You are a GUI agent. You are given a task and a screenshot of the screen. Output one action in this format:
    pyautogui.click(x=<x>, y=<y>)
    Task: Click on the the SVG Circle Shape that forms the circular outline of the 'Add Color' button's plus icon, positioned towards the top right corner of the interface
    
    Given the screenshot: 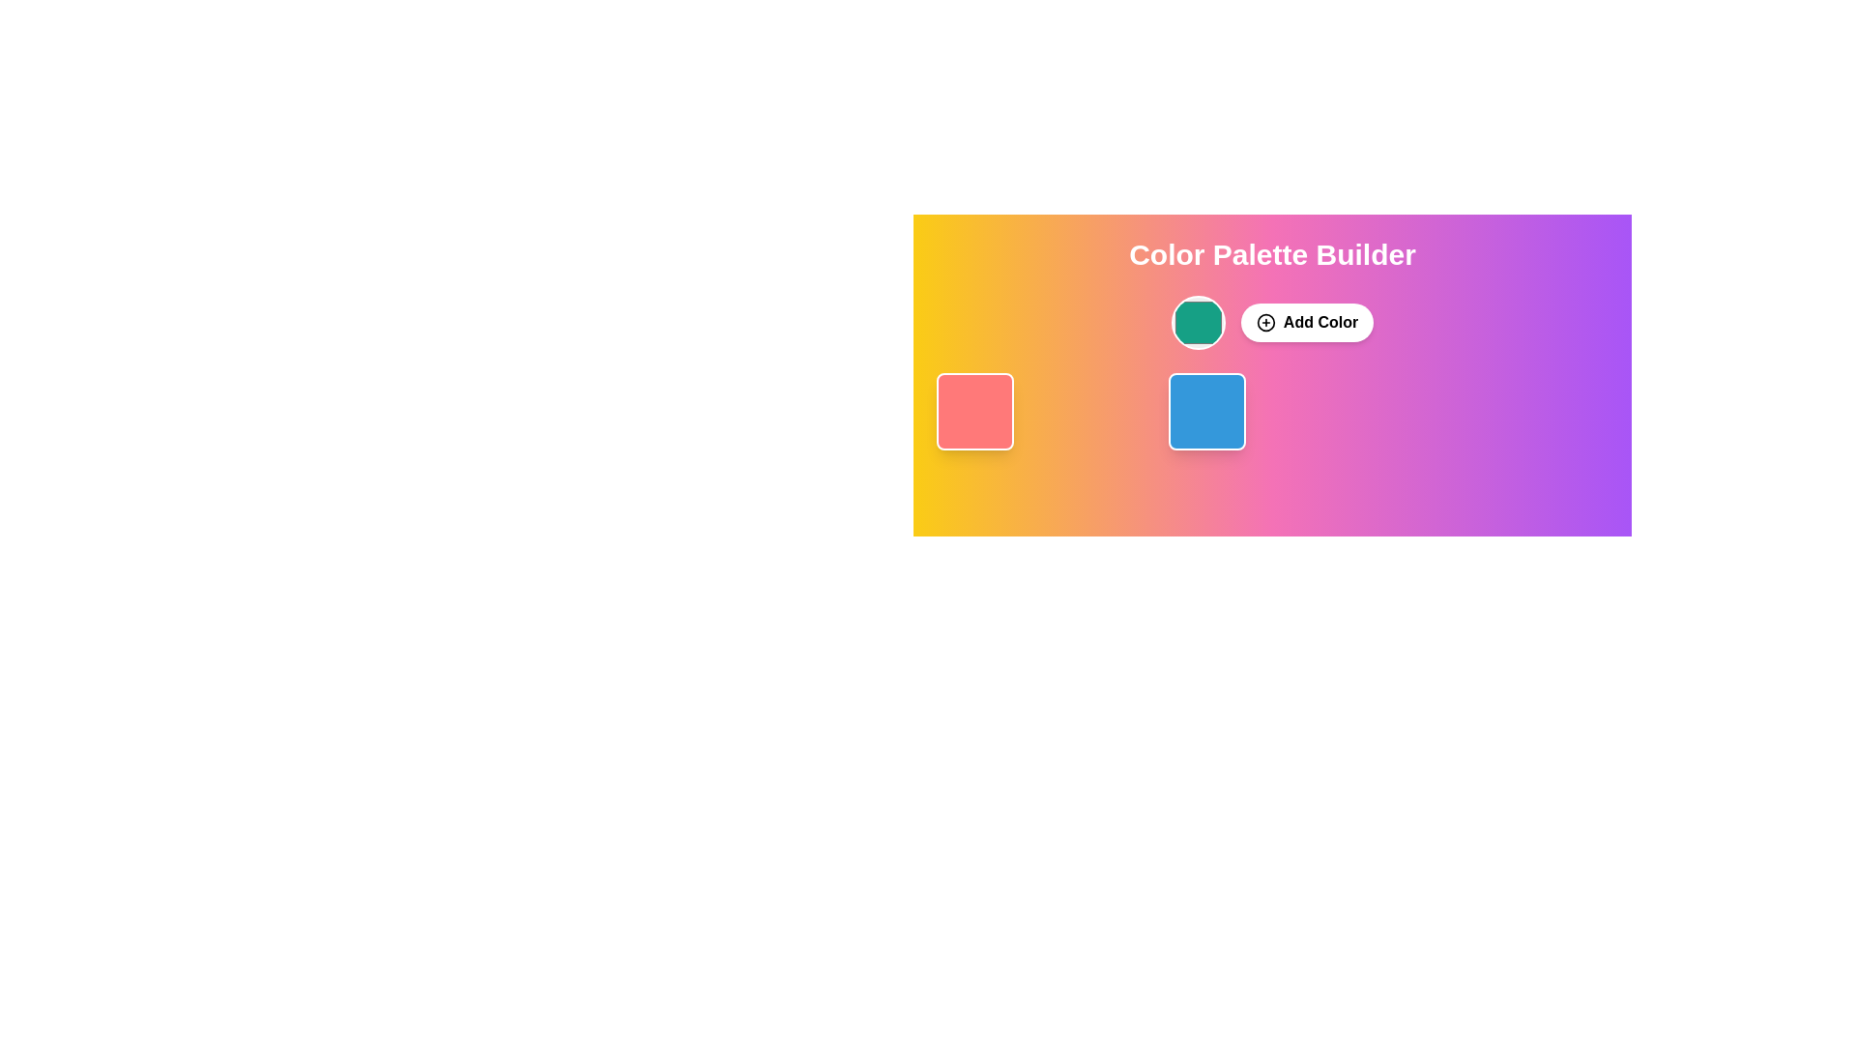 What is the action you would take?
    pyautogui.click(x=1265, y=322)
    